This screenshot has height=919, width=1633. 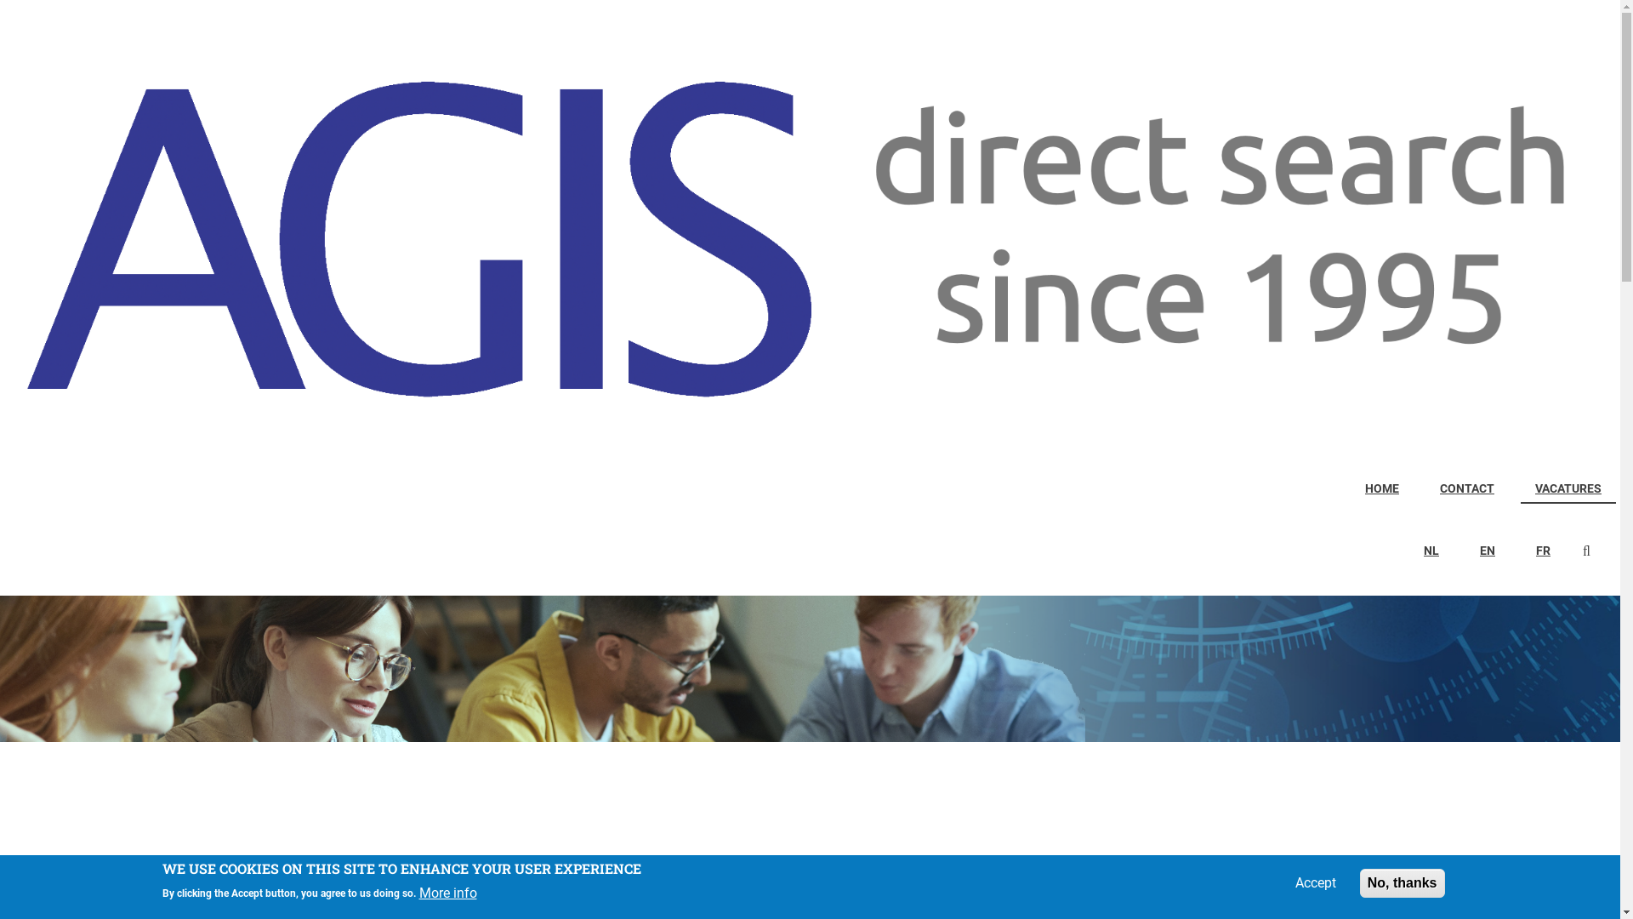 What do you see at coordinates (1465, 489) in the screenshot?
I see `'CONTACT'` at bounding box center [1465, 489].